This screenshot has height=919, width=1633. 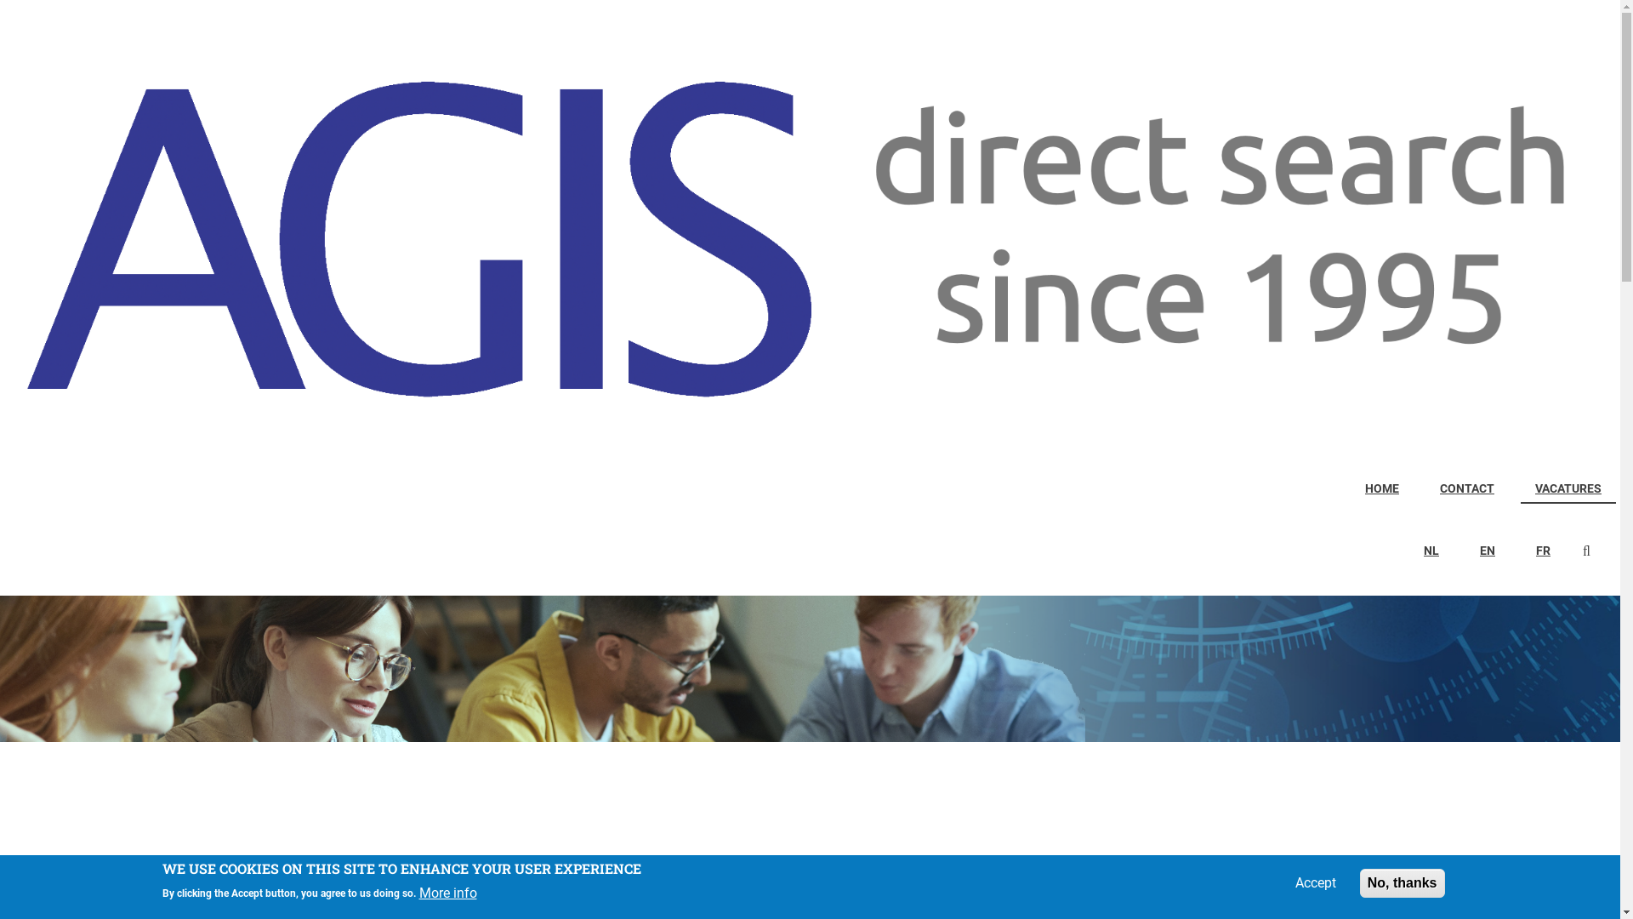 What do you see at coordinates (1465, 489) in the screenshot?
I see `'CONTACT'` at bounding box center [1465, 489].